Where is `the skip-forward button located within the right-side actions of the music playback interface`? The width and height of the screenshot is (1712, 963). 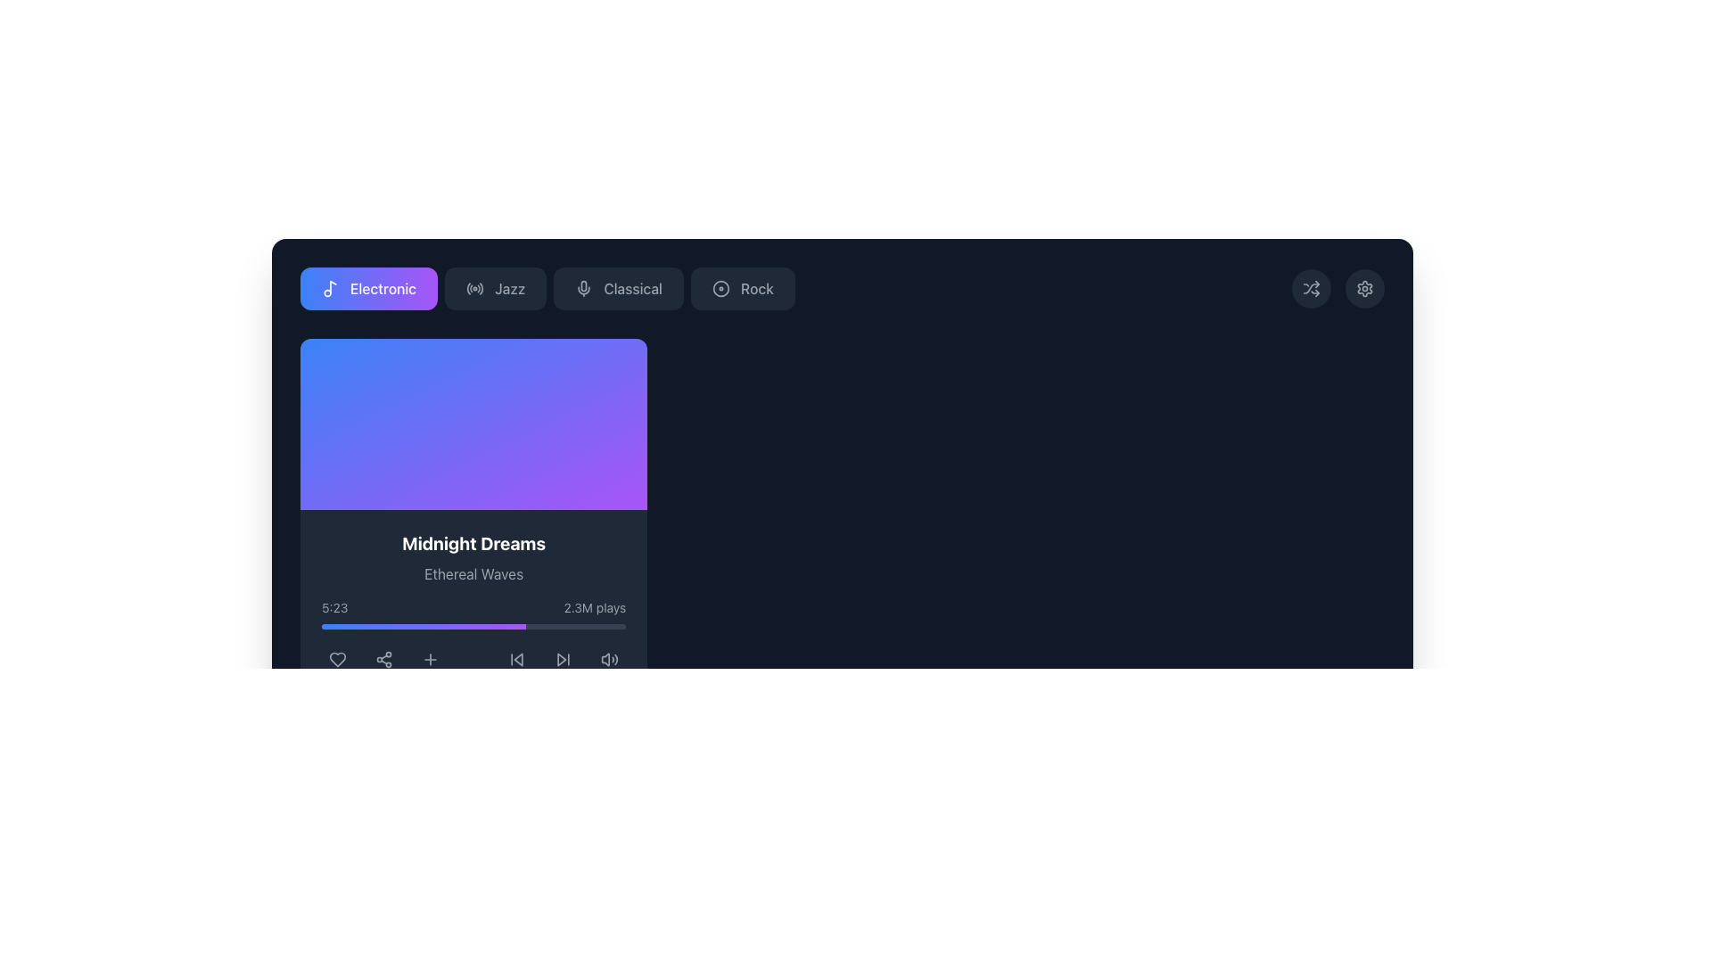 the skip-forward button located within the right-side actions of the music playback interface is located at coordinates (561, 660).